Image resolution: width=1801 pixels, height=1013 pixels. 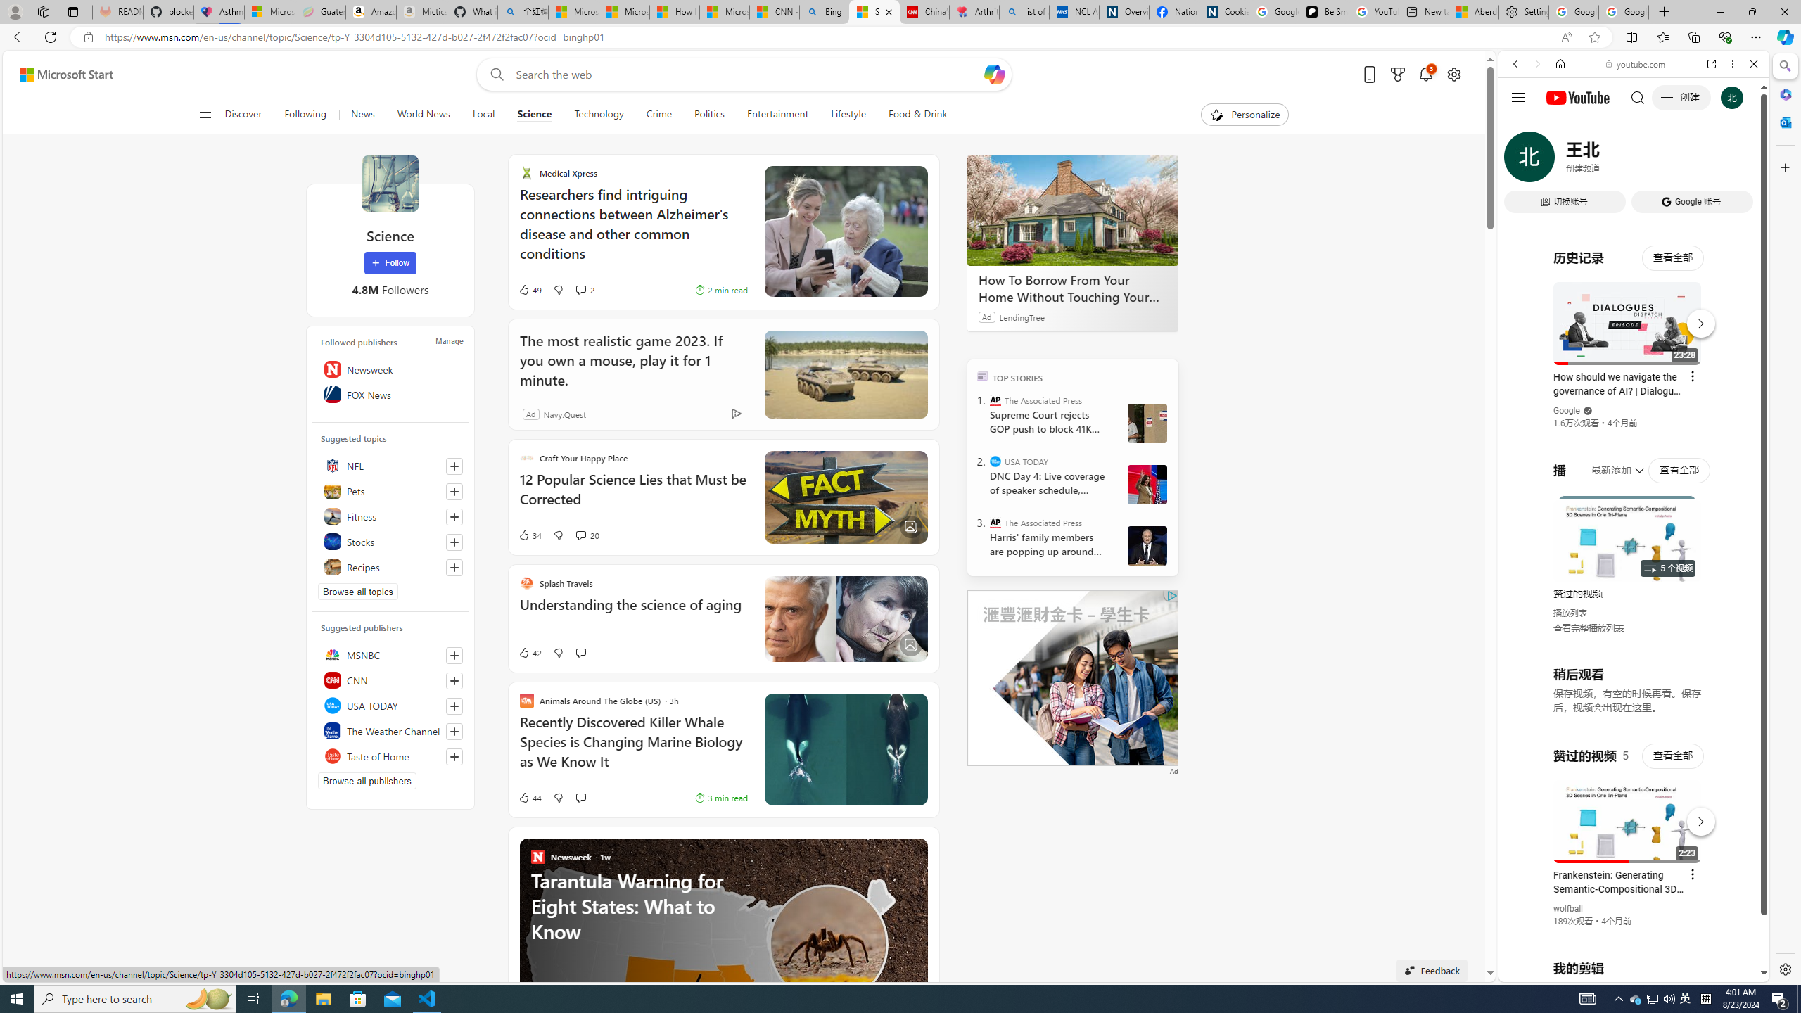 I want to click on 'Open Copilot', so click(x=995, y=73).